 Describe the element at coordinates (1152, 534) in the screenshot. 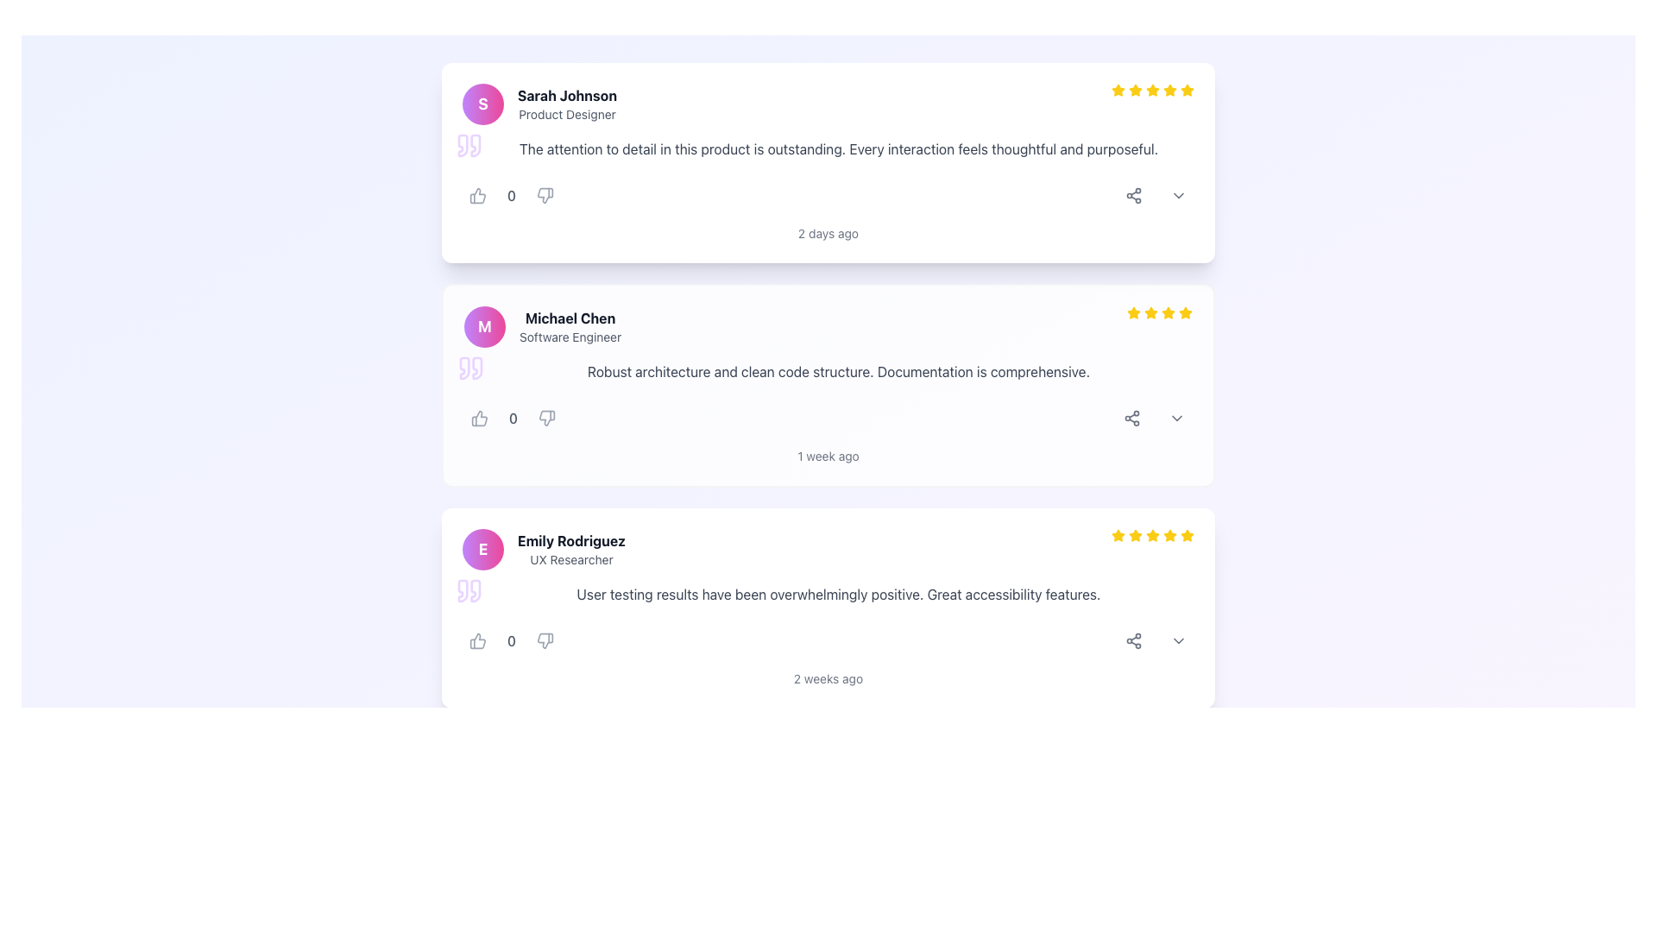

I see `the fifth yellow star icon in the rating system of the third review card` at that location.